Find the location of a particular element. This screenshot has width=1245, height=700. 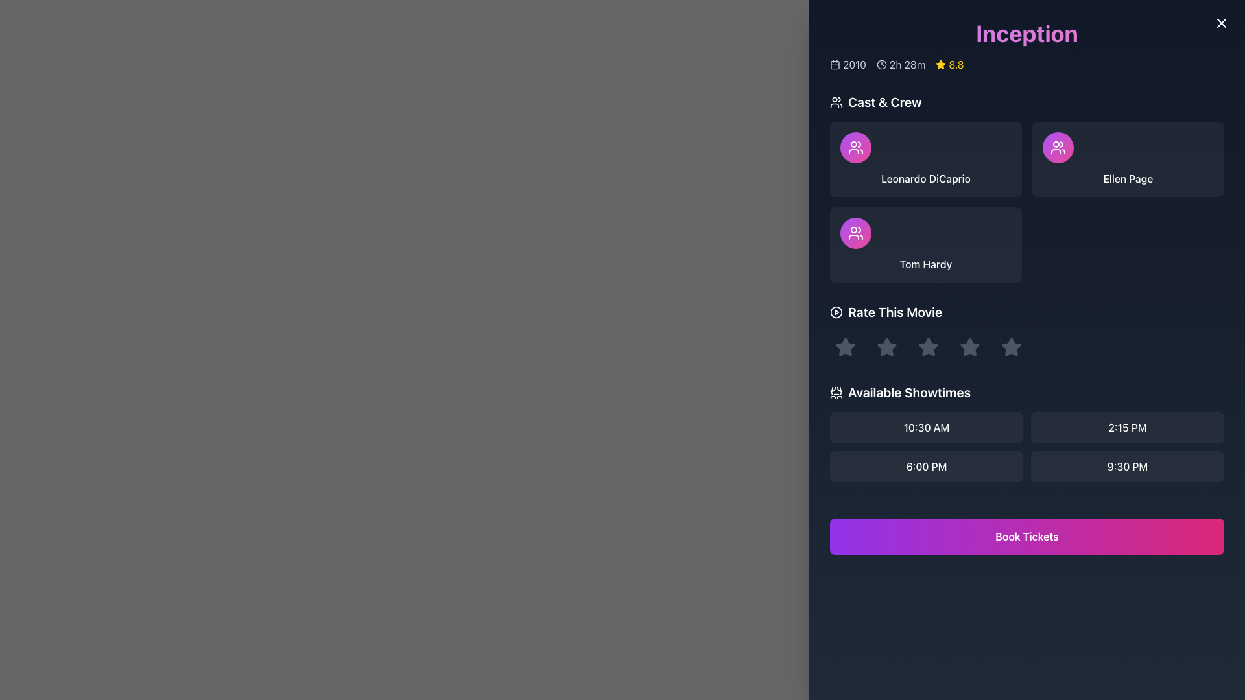

the second star-shaped rating button in the row under 'Rate This Movie' is located at coordinates (886, 347).